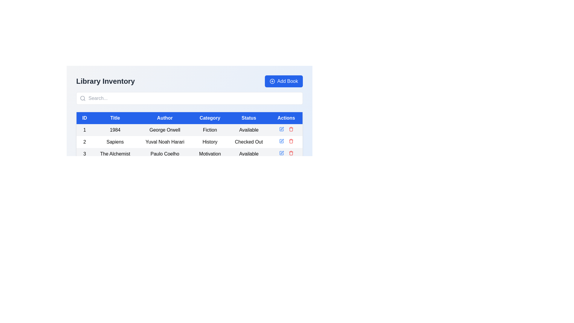 The height and width of the screenshot is (323, 574). Describe the element at coordinates (249, 130) in the screenshot. I see `the 'Available' text label located in the fifth column of the first data row under the 'Status' header` at that location.